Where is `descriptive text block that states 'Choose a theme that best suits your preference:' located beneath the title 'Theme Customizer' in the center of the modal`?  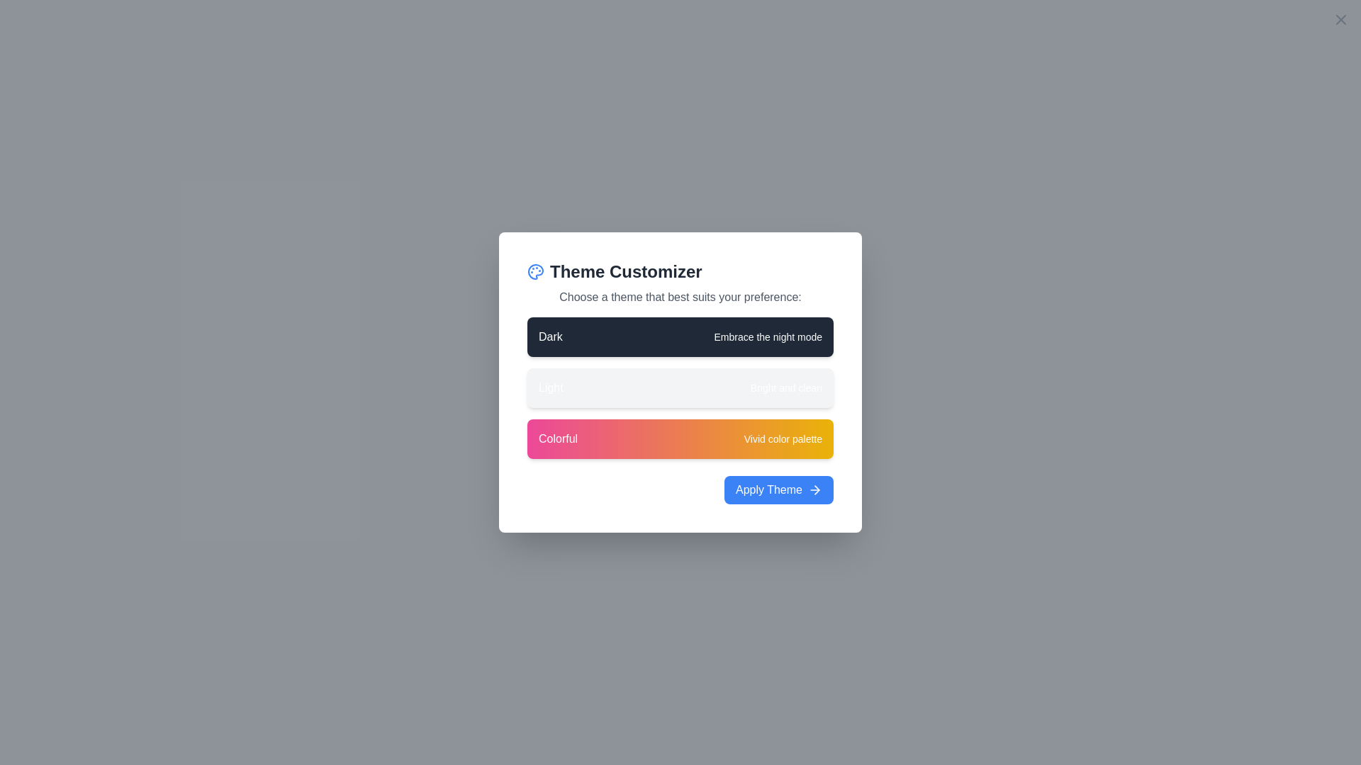 descriptive text block that states 'Choose a theme that best suits your preference:' located beneath the title 'Theme Customizer' in the center of the modal is located at coordinates (680, 297).